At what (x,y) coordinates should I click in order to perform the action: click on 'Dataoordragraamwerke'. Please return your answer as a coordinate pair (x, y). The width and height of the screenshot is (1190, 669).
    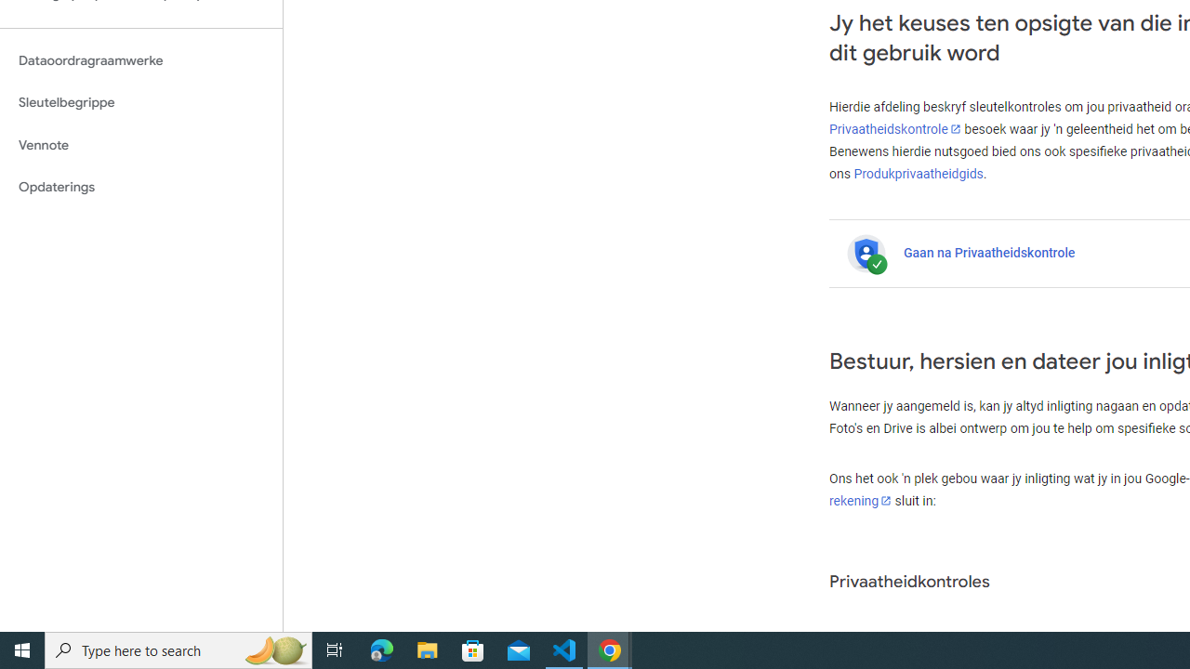
    Looking at the image, I should click on (140, 59).